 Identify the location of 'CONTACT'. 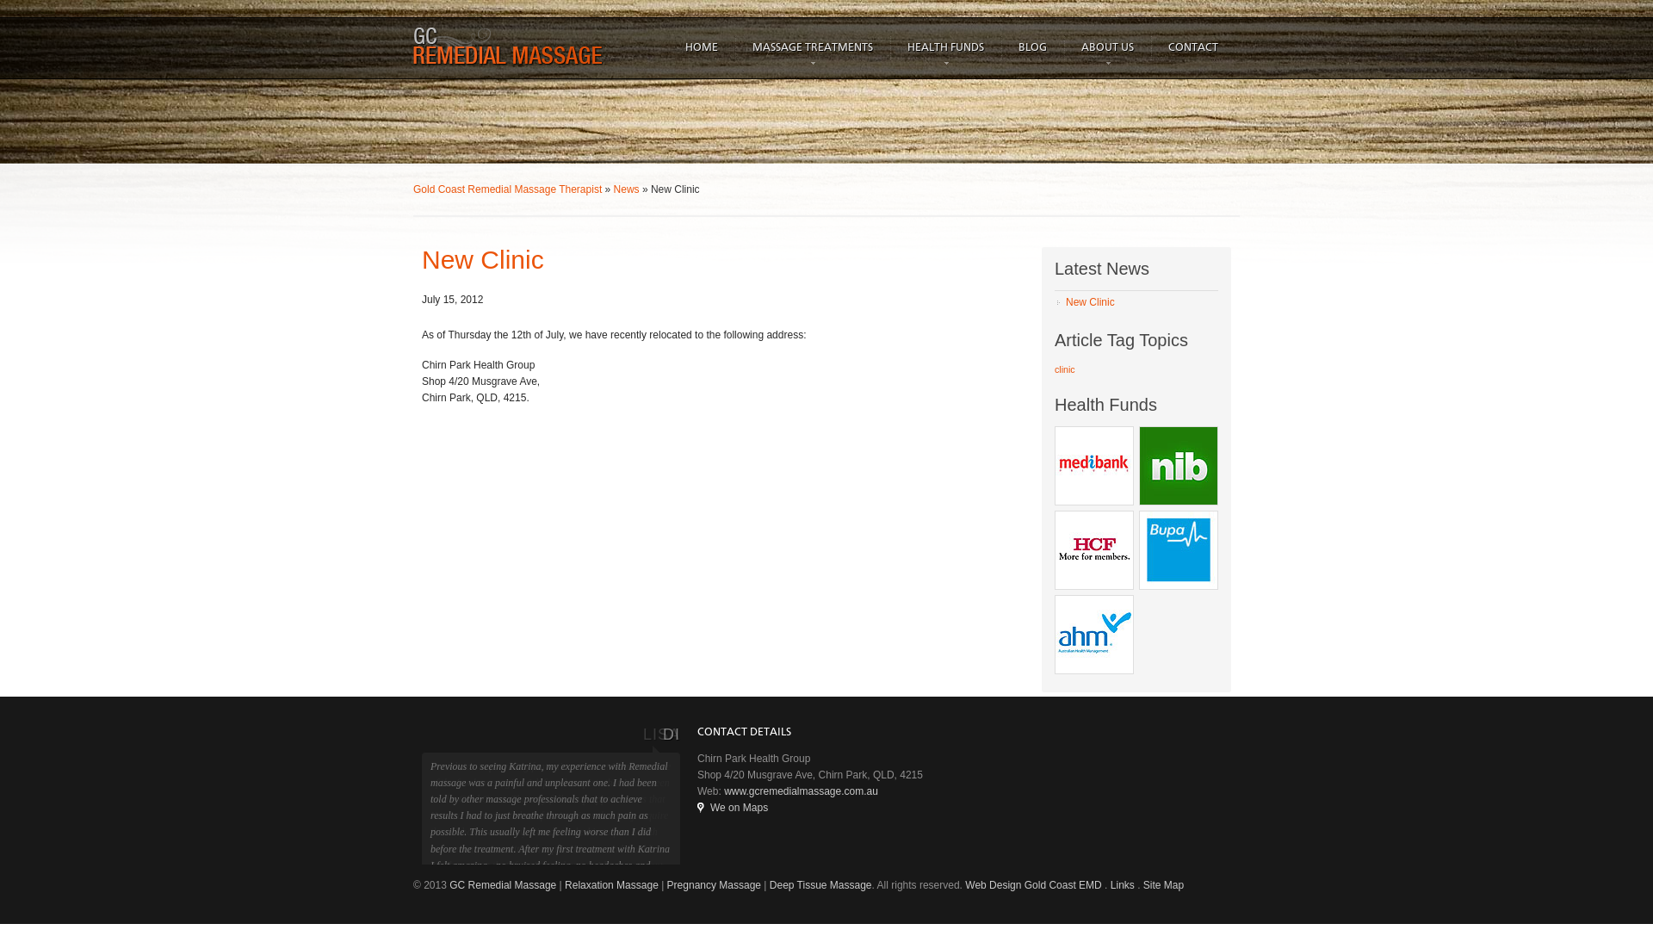
(1192, 46).